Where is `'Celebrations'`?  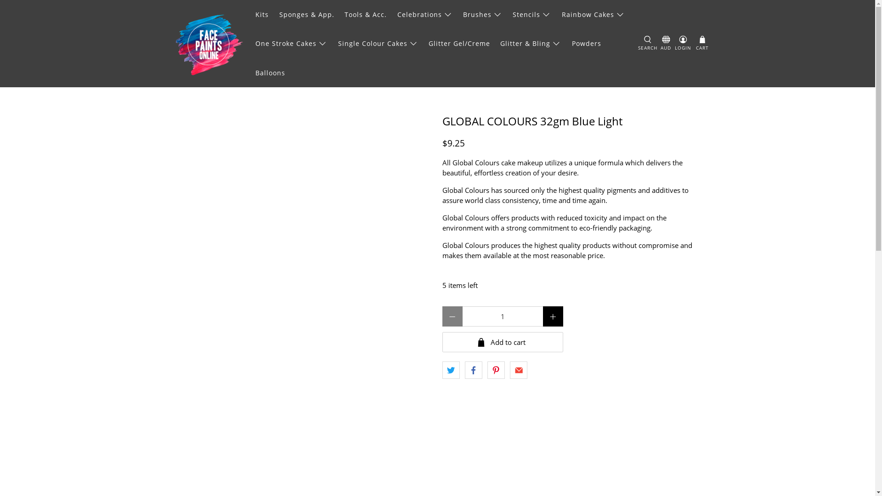
'Celebrations' is located at coordinates (424, 14).